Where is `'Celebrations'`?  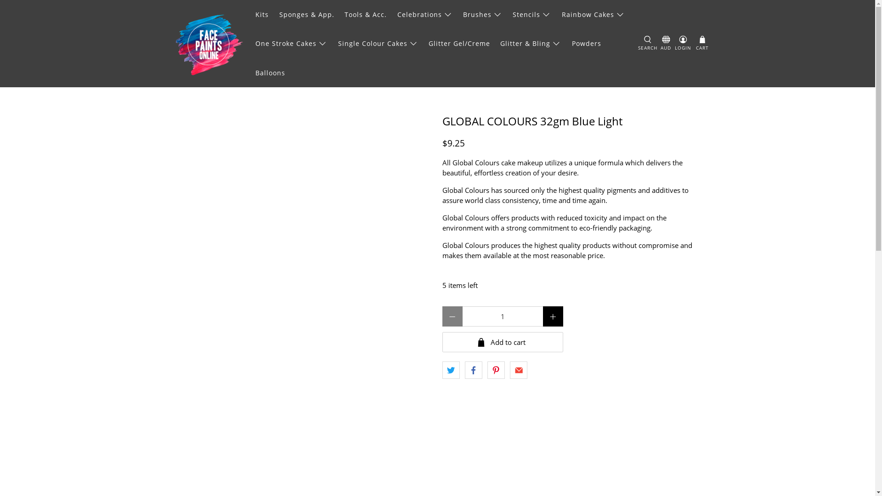
'Celebrations' is located at coordinates (424, 14).